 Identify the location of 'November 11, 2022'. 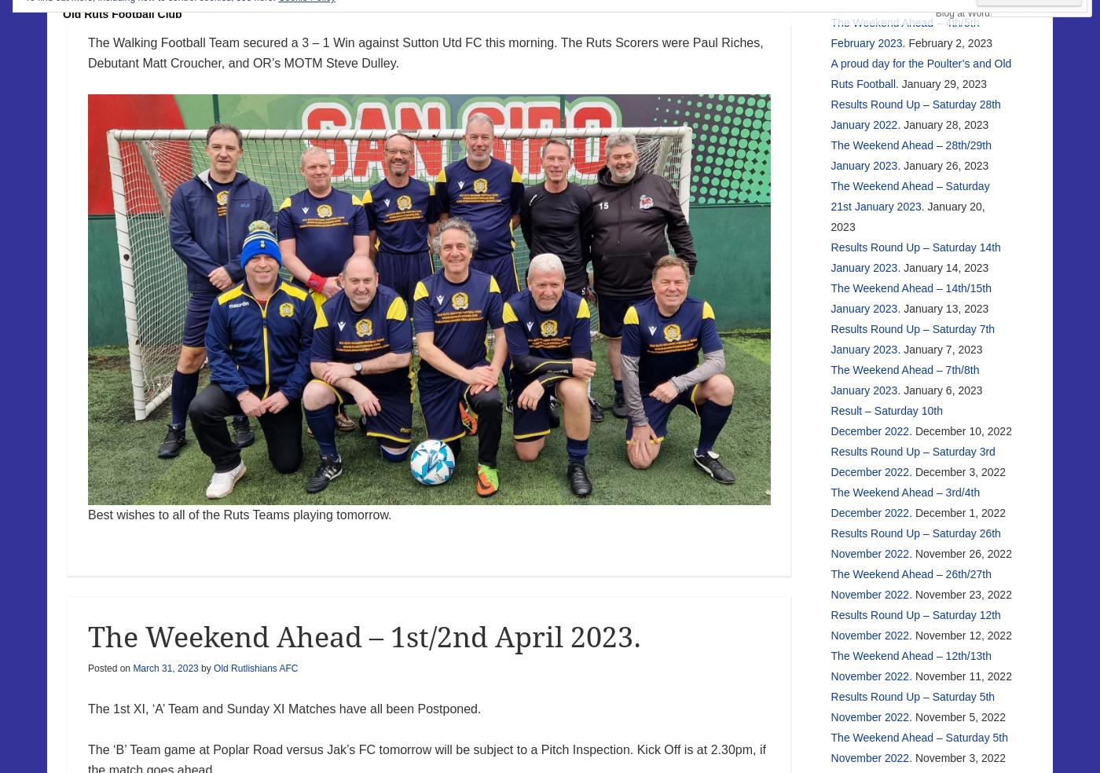
(962, 675).